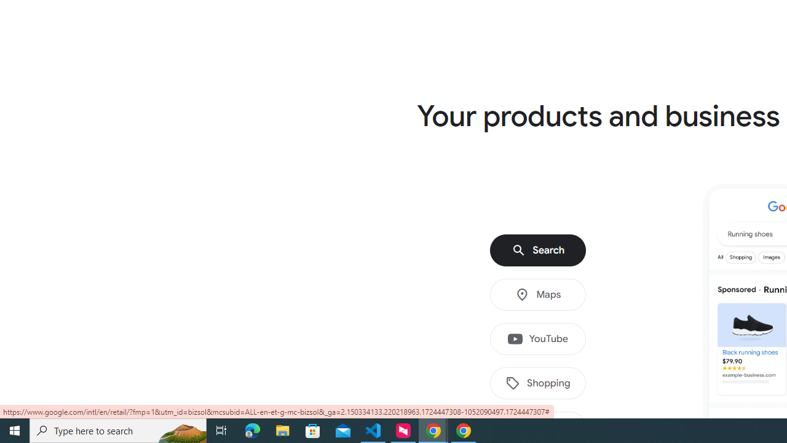 This screenshot has height=443, width=787. What do you see at coordinates (538, 295) in the screenshot?
I see `'Maps'` at bounding box center [538, 295].